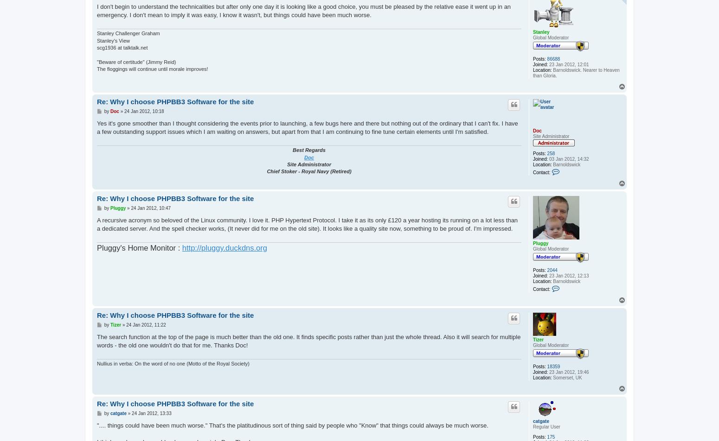 The image size is (719, 441). What do you see at coordinates (308, 150) in the screenshot?
I see `'Best Regards'` at bounding box center [308, 150].